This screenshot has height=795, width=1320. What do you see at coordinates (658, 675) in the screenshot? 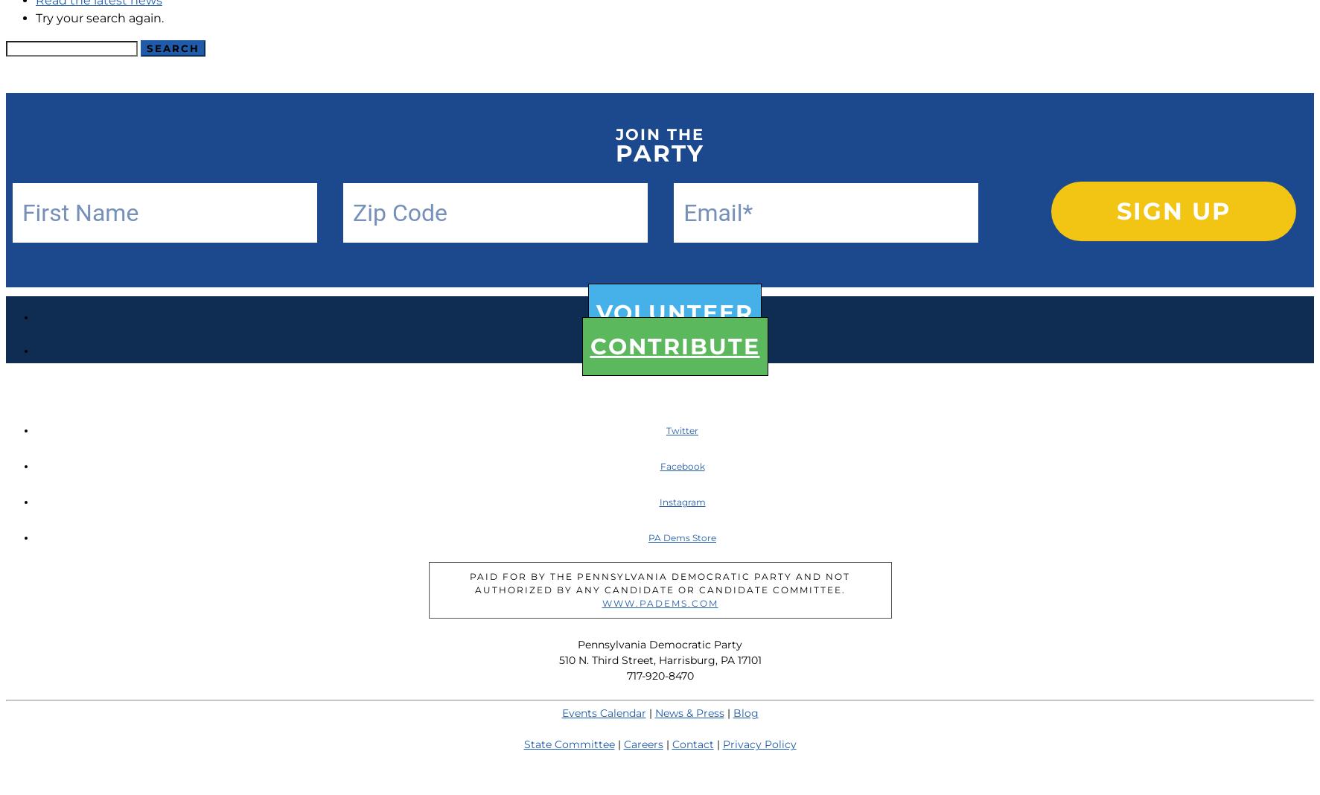
I see `'717-920-8470'` at bounding box center [658, 675].